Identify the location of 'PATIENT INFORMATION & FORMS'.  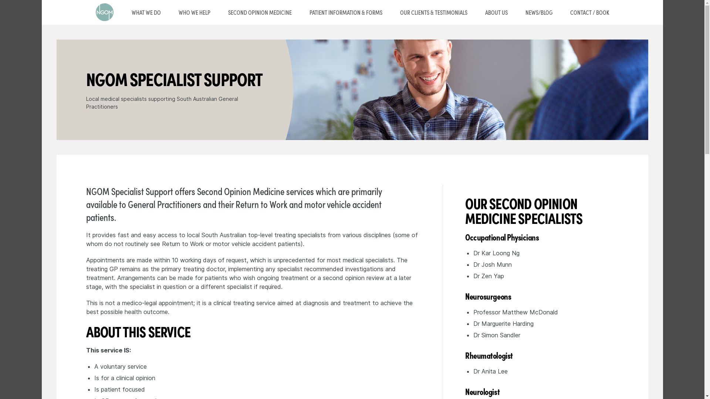
(345, 12).